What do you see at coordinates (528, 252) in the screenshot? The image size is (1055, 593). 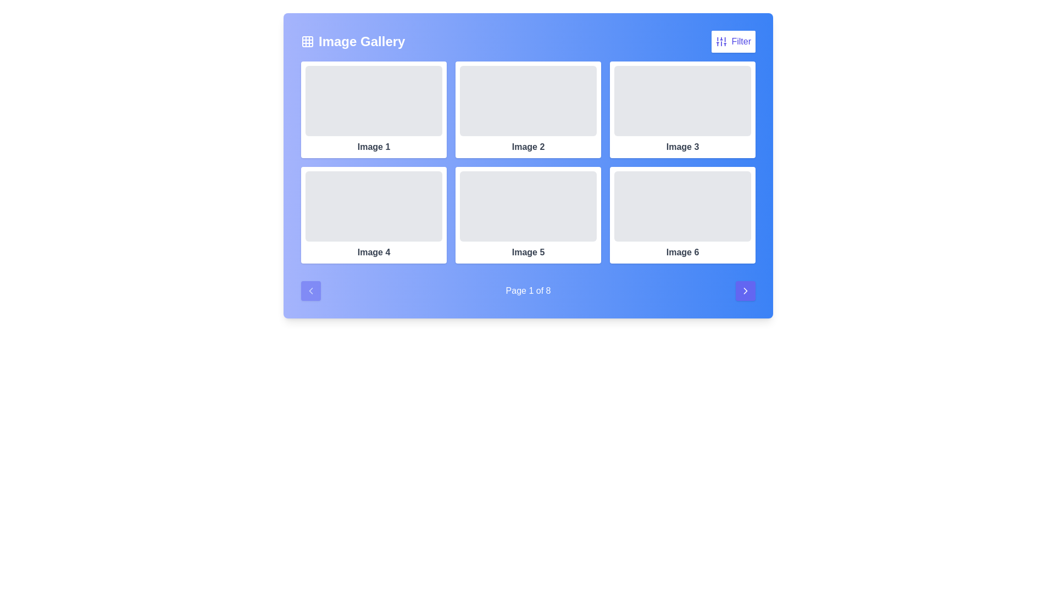 I see `the text label reading 'Image 5', which is displayed in bold and dark gray font, located in the second row and second column of the grid, beneath a gray rectangular placeholder` at bounding box center [528, 252].